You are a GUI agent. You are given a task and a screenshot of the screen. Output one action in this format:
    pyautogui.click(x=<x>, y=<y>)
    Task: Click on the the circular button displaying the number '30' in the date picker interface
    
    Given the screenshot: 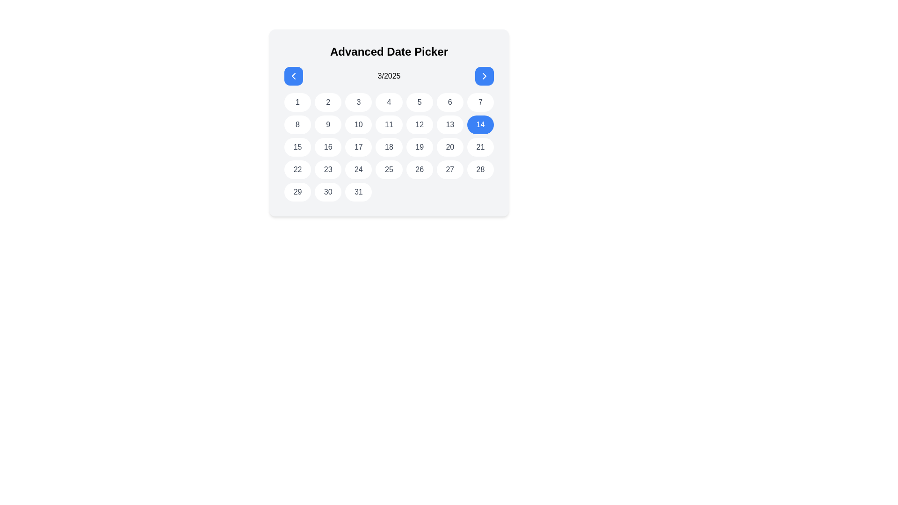 What is the action you would take?
    pyautogui.click(x=328, y=192)
    